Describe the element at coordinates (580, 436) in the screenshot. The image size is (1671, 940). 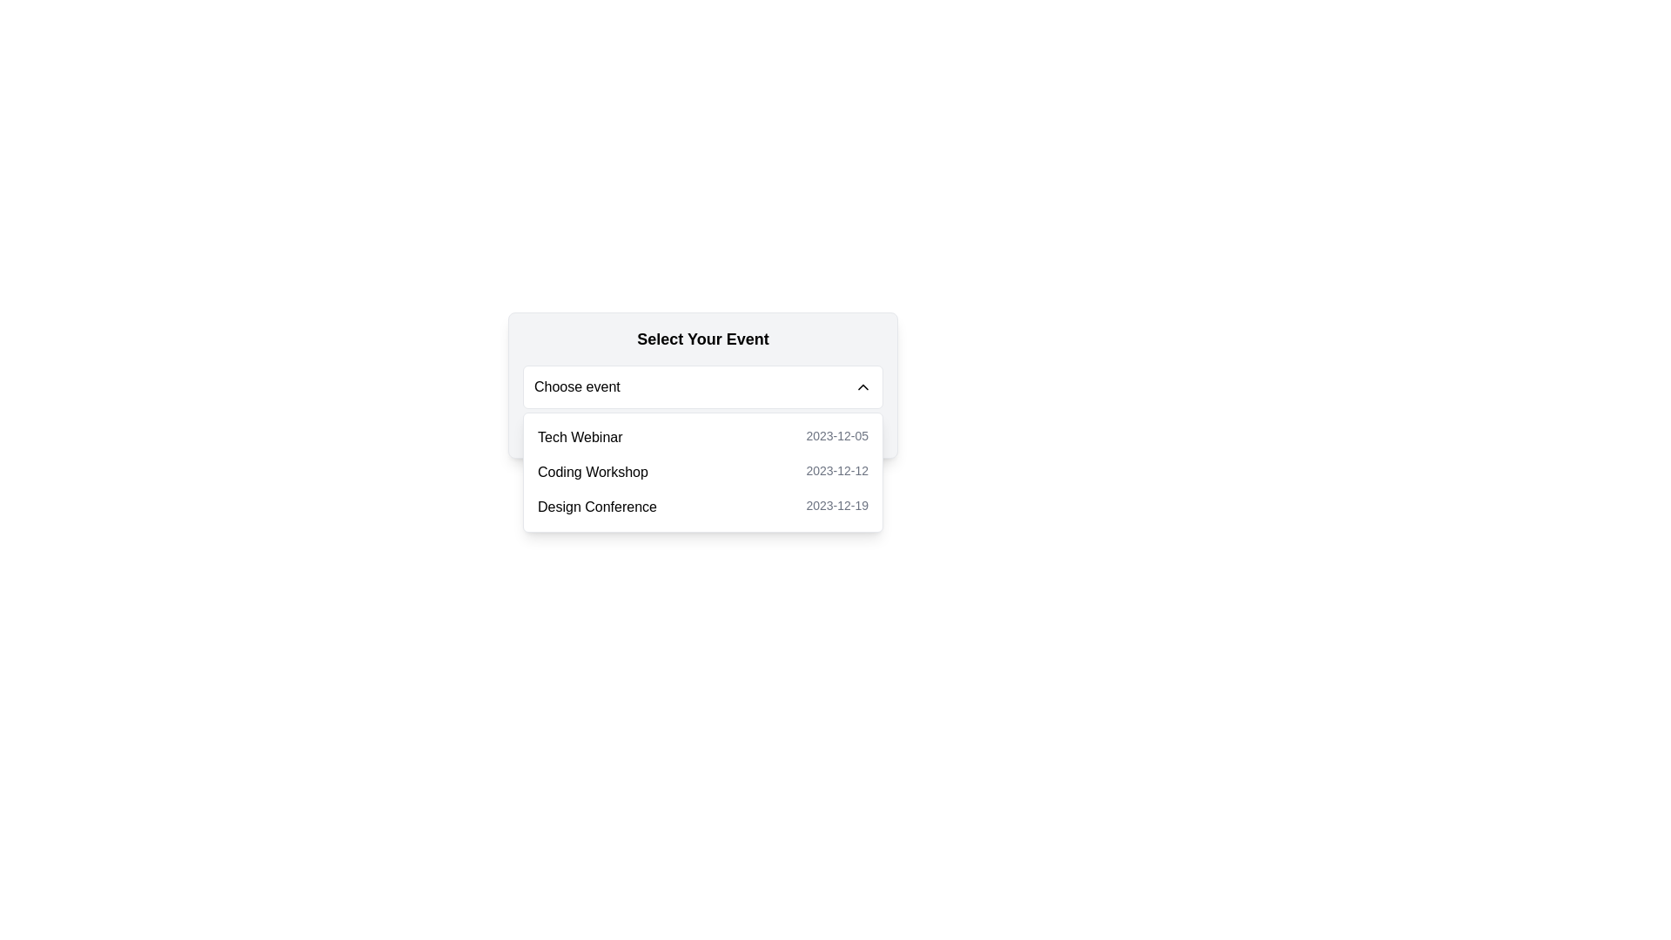
I see `the text label representing the name of an event in the dropdown menu` at that location.